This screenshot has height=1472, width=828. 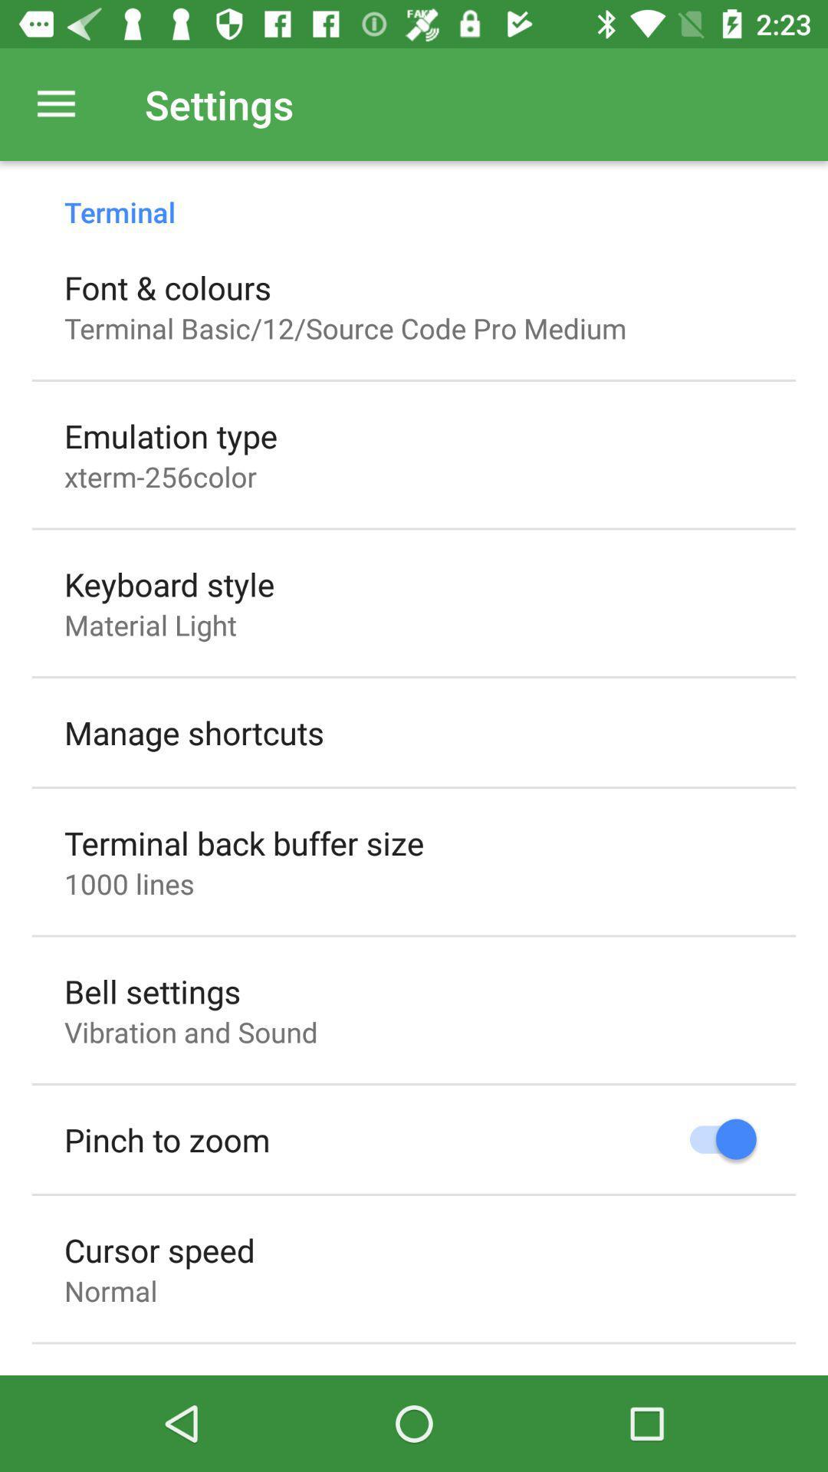 What do you see at coordinates (190, 1032) in the screenshot?
I see `item above the pinch to zoom icon` at bounding box center [190, 1032].